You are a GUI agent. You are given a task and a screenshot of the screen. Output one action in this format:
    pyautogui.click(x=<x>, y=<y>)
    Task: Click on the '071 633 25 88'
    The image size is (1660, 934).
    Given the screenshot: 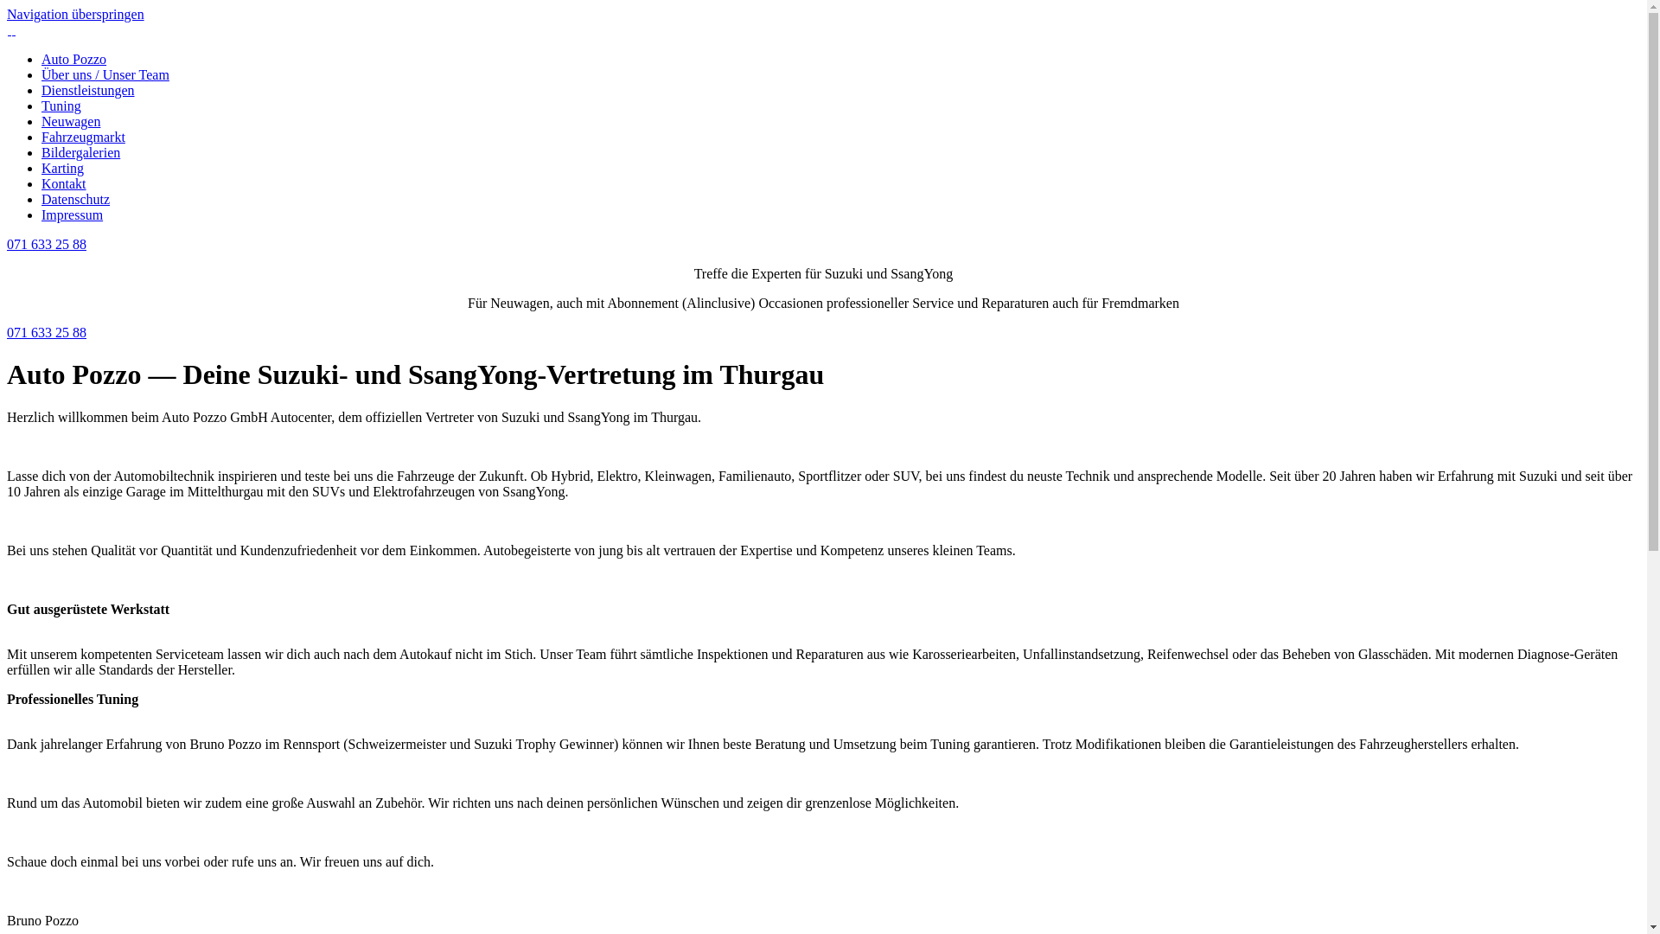 What is the action you would take?
    pyautogui.click(x=46, y=332)
    